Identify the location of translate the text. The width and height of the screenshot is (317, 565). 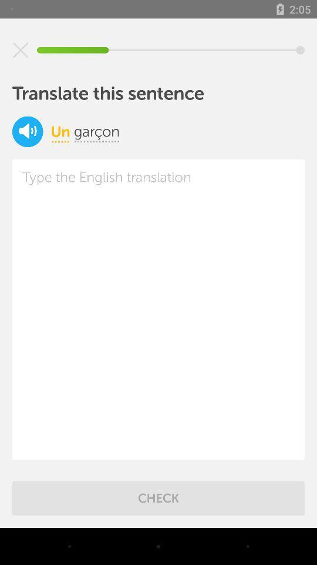
(158, 309).